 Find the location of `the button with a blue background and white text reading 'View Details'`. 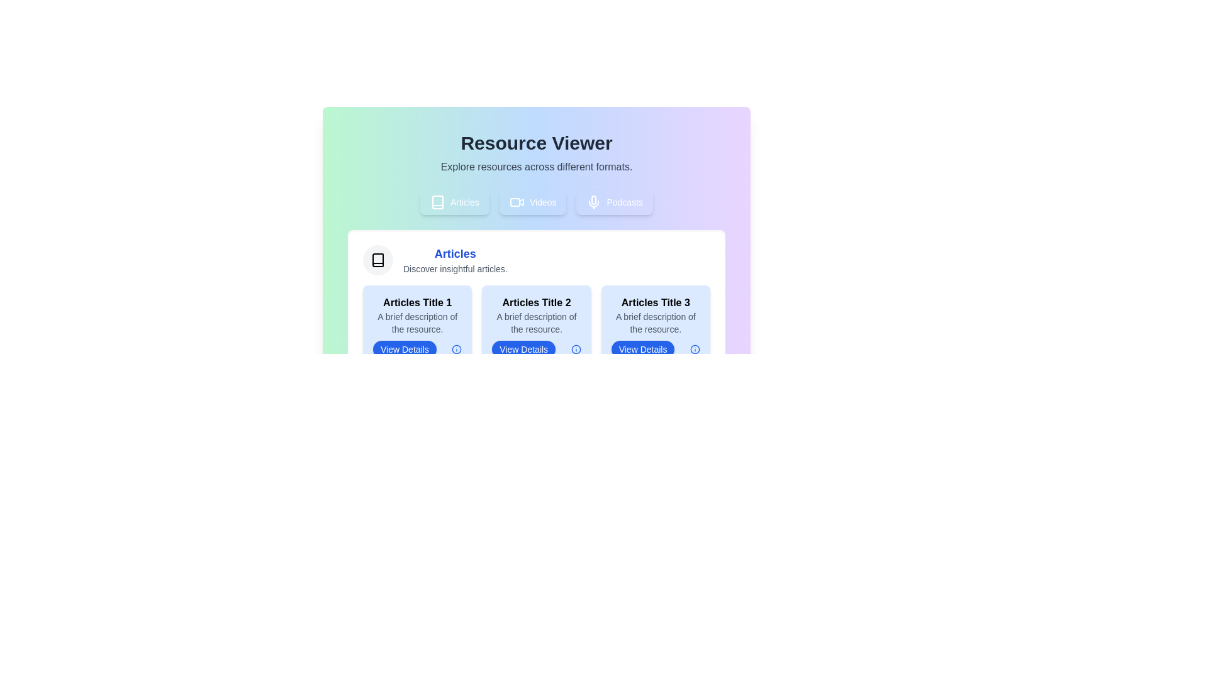

the button with a blue background and white text reading 'View Details' is located at coordinates (417, 349).